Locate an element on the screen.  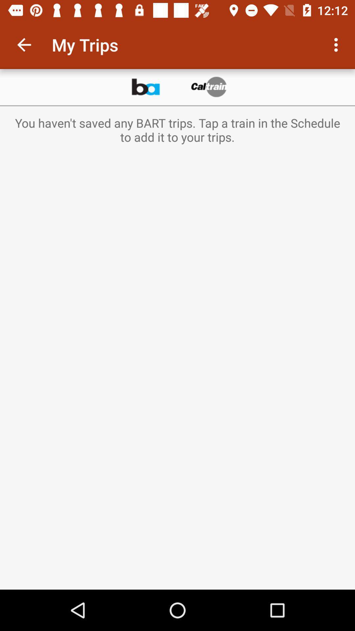
payment option is located at coordinates (209, 87).